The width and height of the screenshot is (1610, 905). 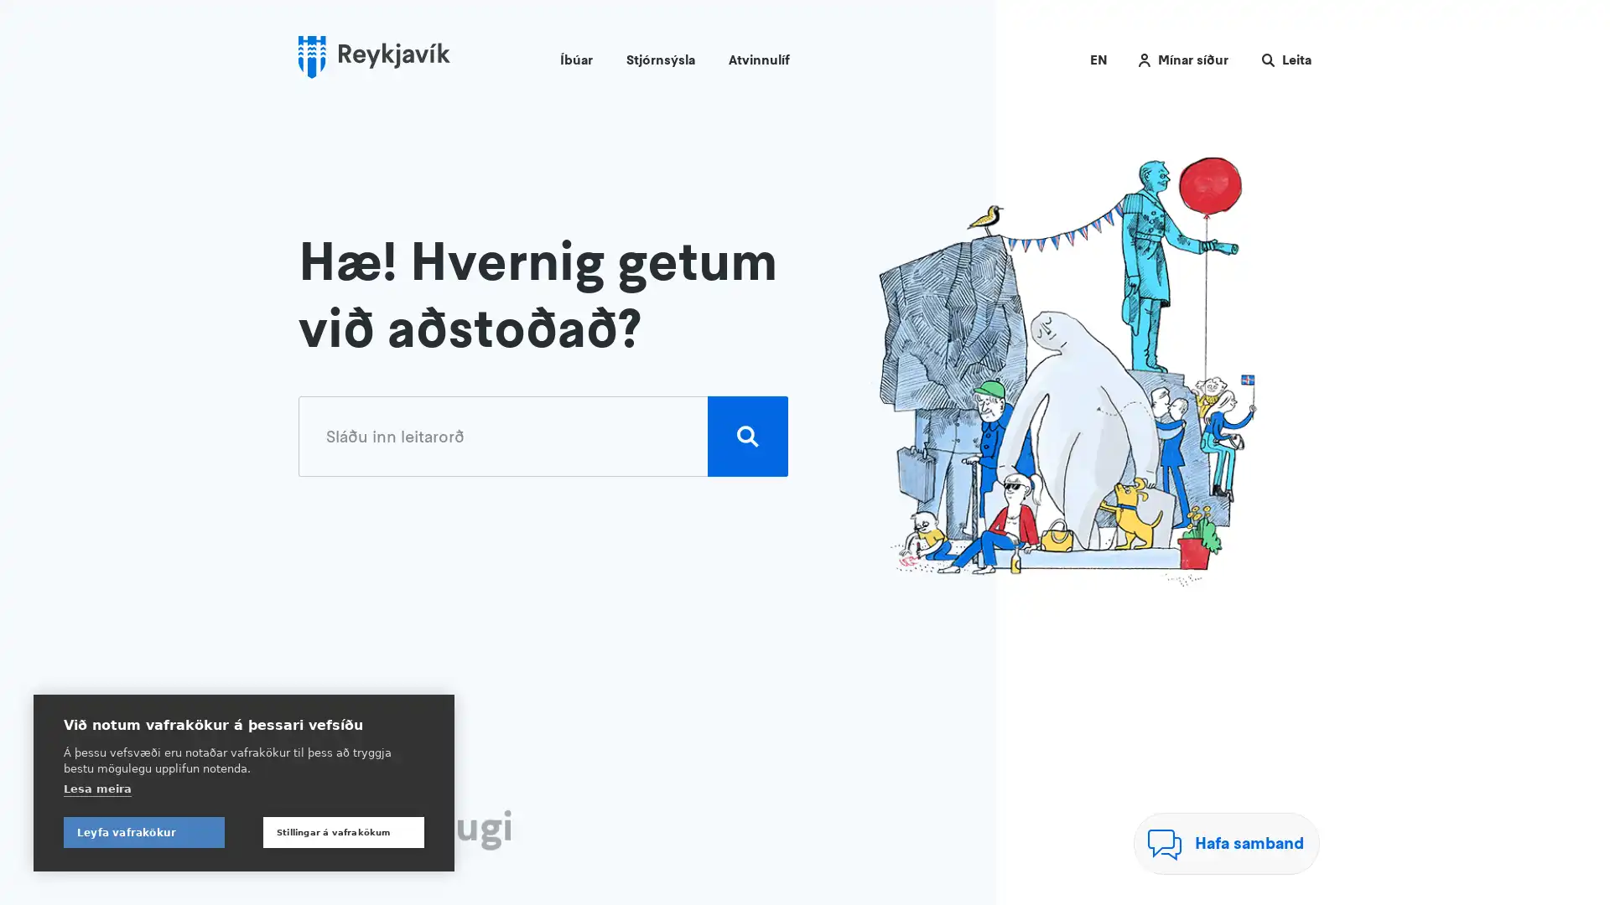 What do you see at coordinates (144, 832) in the screenshot?
I see `Leyfa vafrakokur` at bounding box center [144, 832].